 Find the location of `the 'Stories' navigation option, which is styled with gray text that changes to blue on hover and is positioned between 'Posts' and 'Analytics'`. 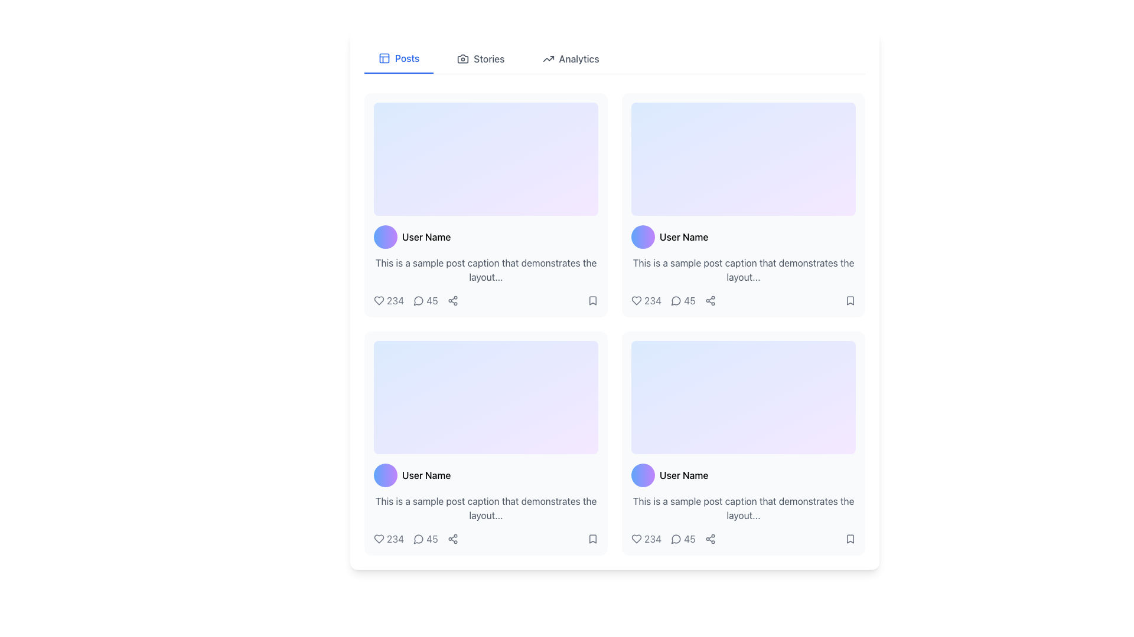

the 'Stories' navigation option, which is styled with gray text that changes to blue on hover and is positioned between 'Posts' and 'Analytics' is located at coordinates (481, 59).